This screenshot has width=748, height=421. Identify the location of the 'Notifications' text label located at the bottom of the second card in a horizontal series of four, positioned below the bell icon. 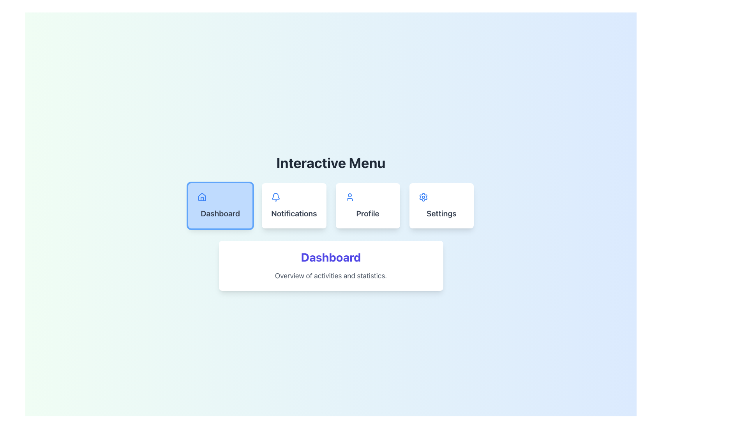
(293, 213).